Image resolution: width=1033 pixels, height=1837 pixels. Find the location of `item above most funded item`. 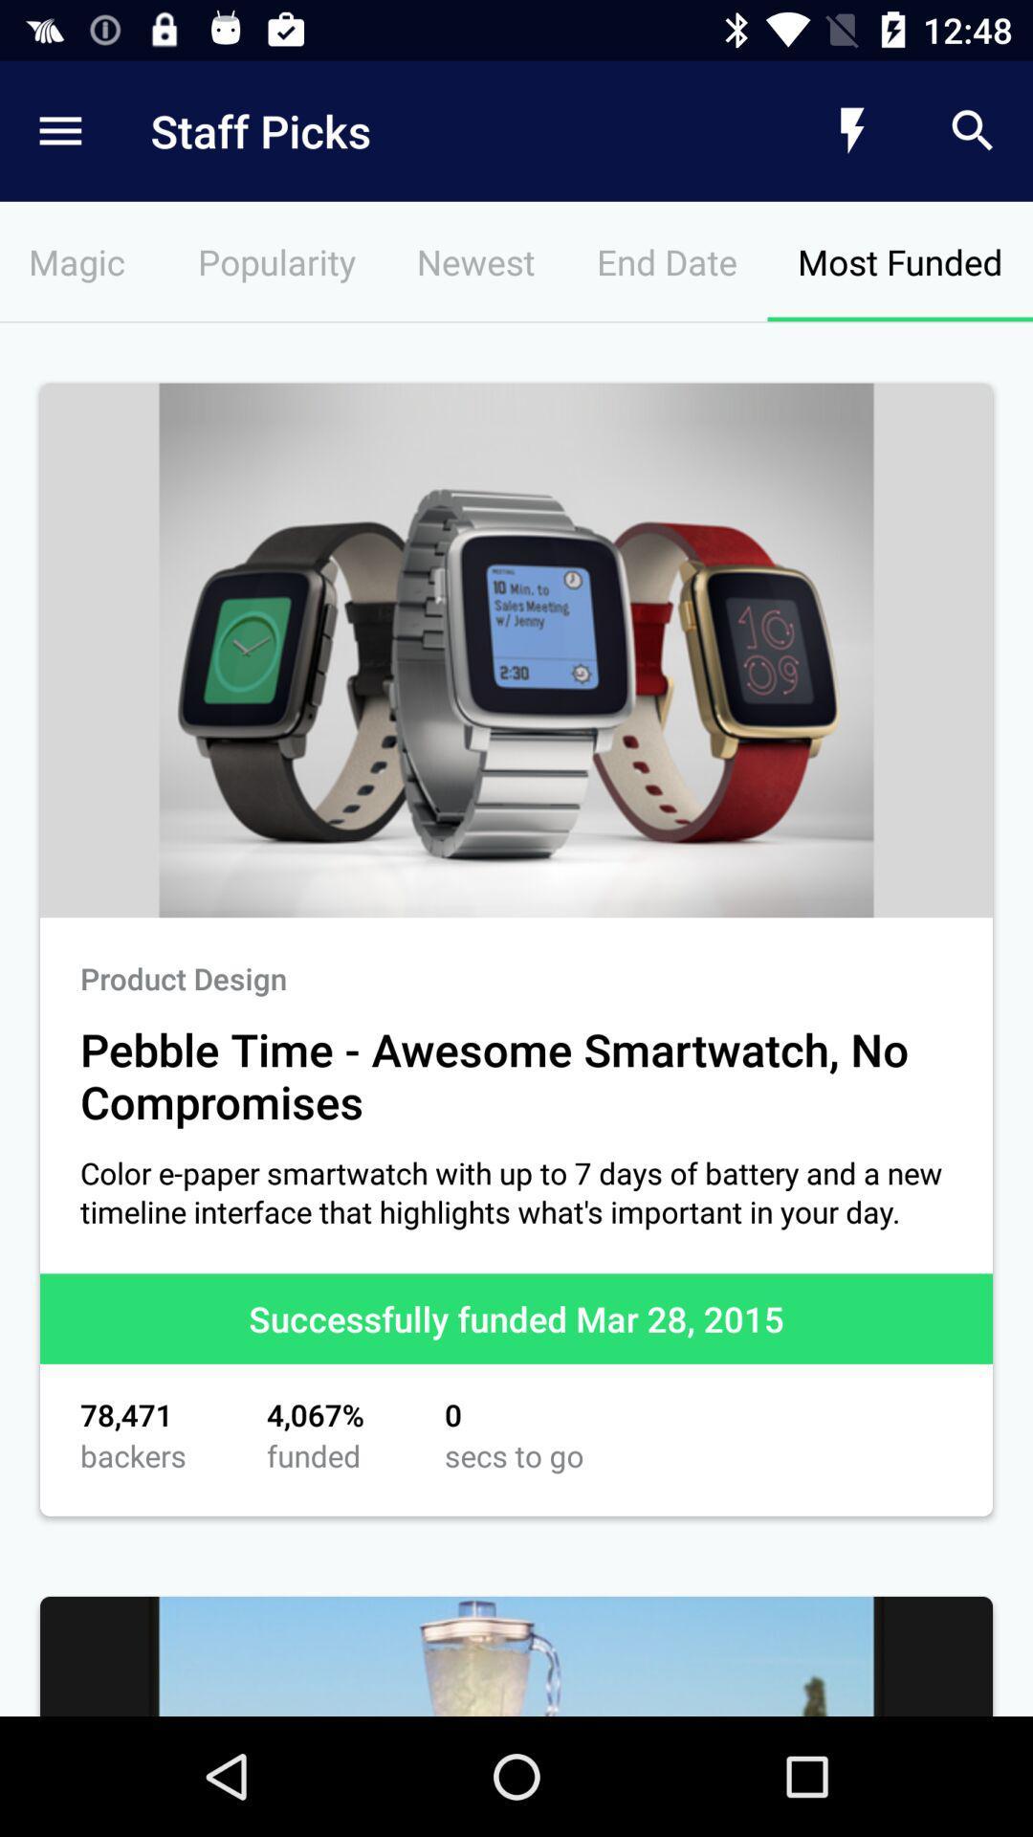

item above most funded item is located at coordinates (973, 130).